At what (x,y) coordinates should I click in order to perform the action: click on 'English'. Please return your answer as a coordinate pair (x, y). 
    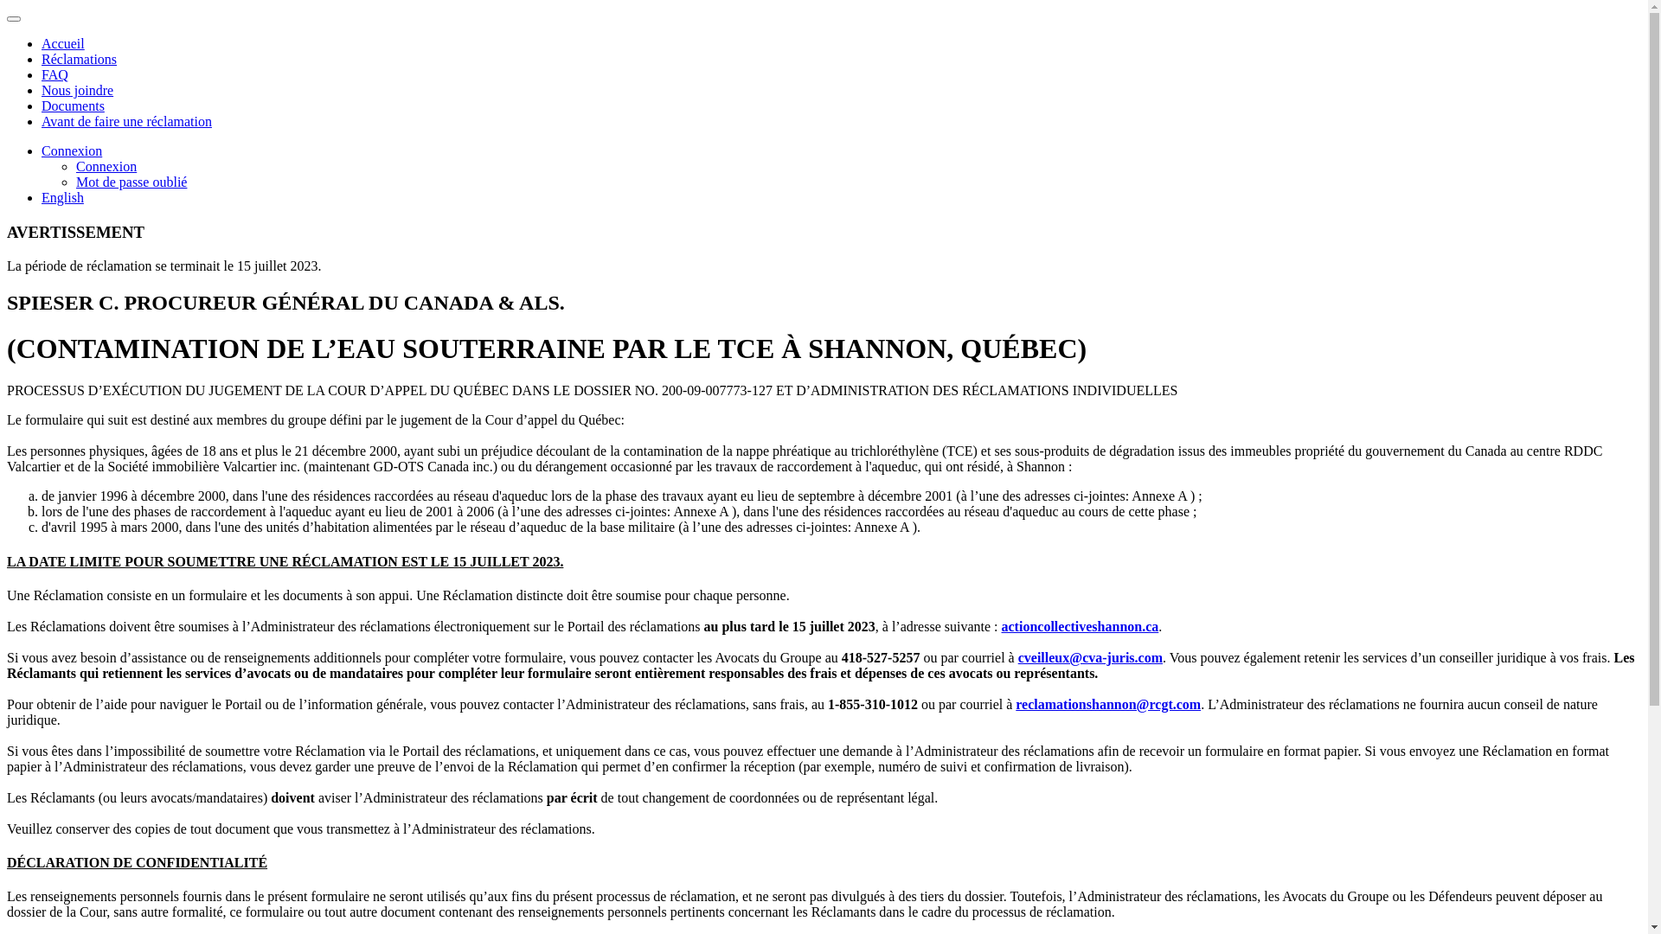
    Looking at the image, I should click on (42, 196).